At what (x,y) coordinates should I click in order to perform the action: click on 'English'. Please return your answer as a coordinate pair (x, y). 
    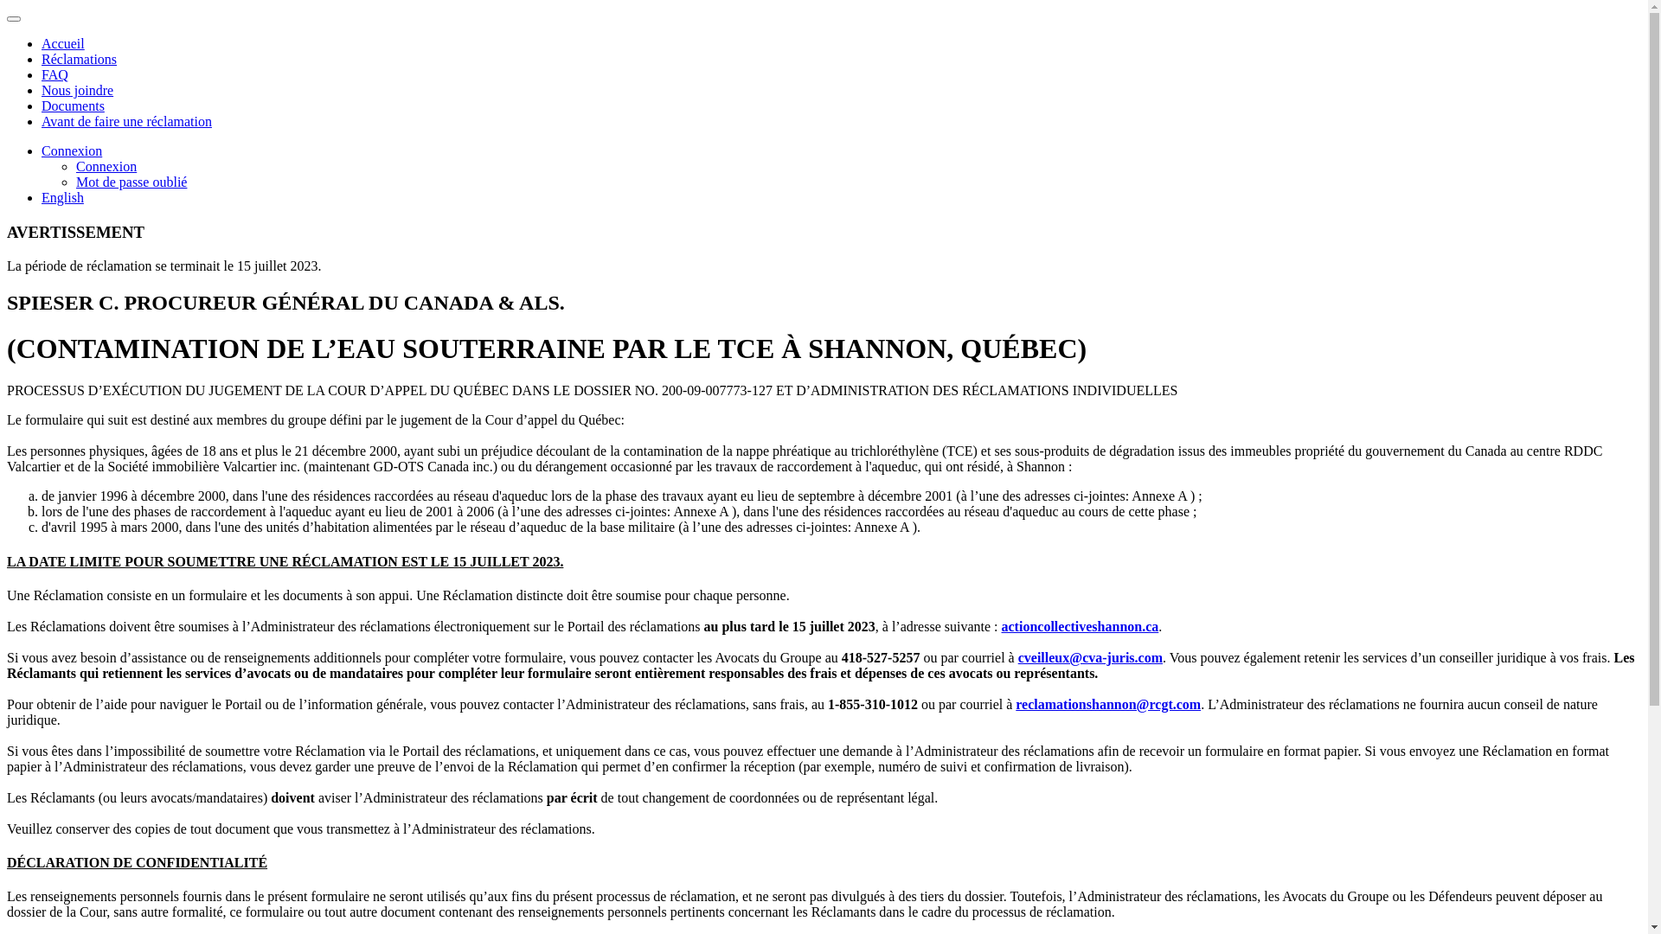
    Looking at the image, I should click on (42, 196).